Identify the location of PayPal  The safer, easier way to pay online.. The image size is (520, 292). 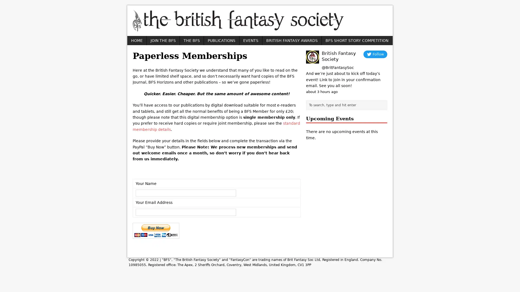
(156, 230).